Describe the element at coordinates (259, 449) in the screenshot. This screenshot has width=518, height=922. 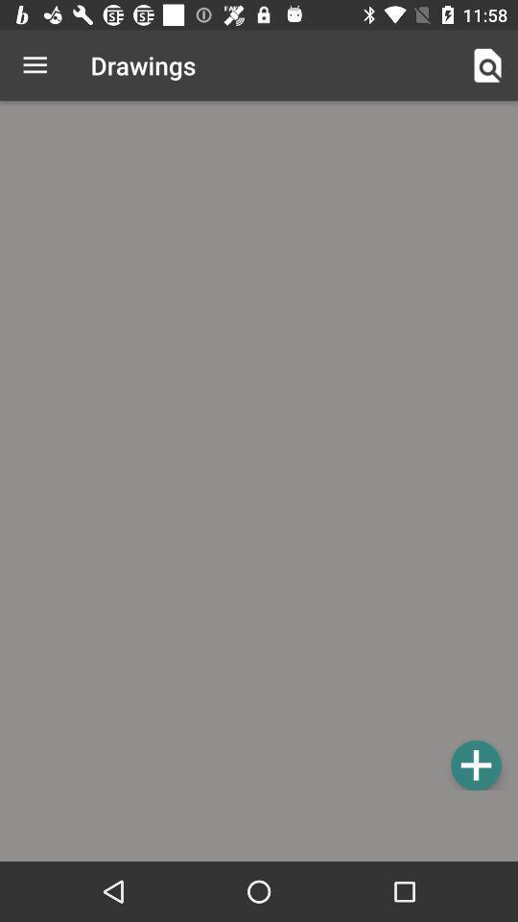
I see `area for drawing` at that location.